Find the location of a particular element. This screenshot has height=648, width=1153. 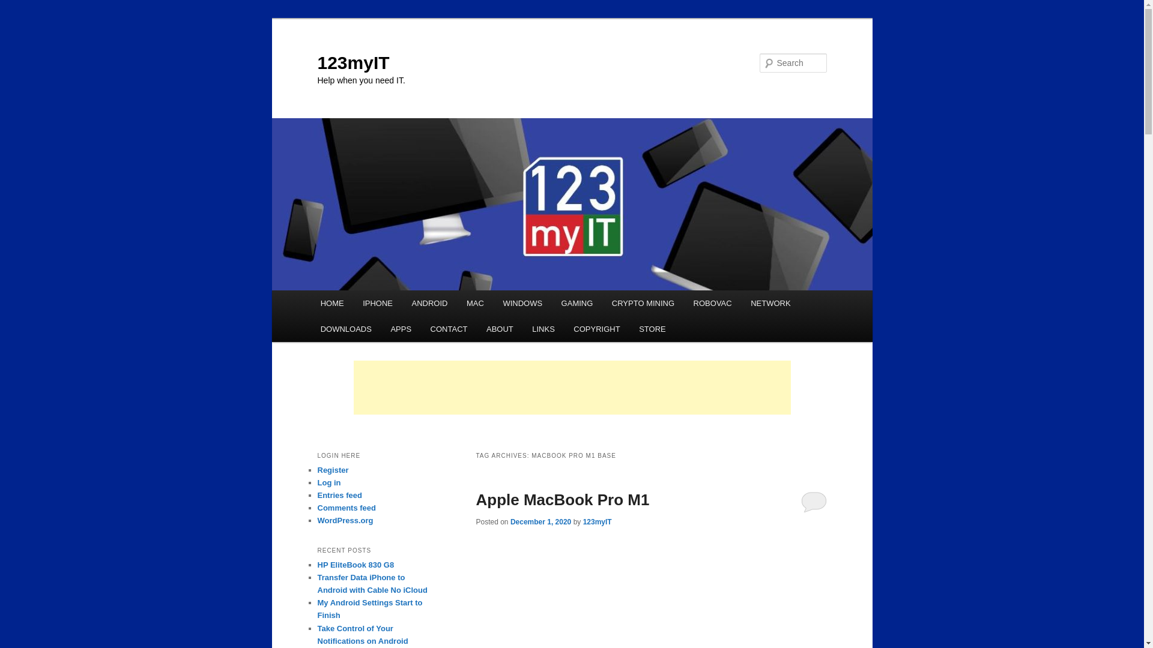

'December 1, 2020' is located at coordinates (540, 521).